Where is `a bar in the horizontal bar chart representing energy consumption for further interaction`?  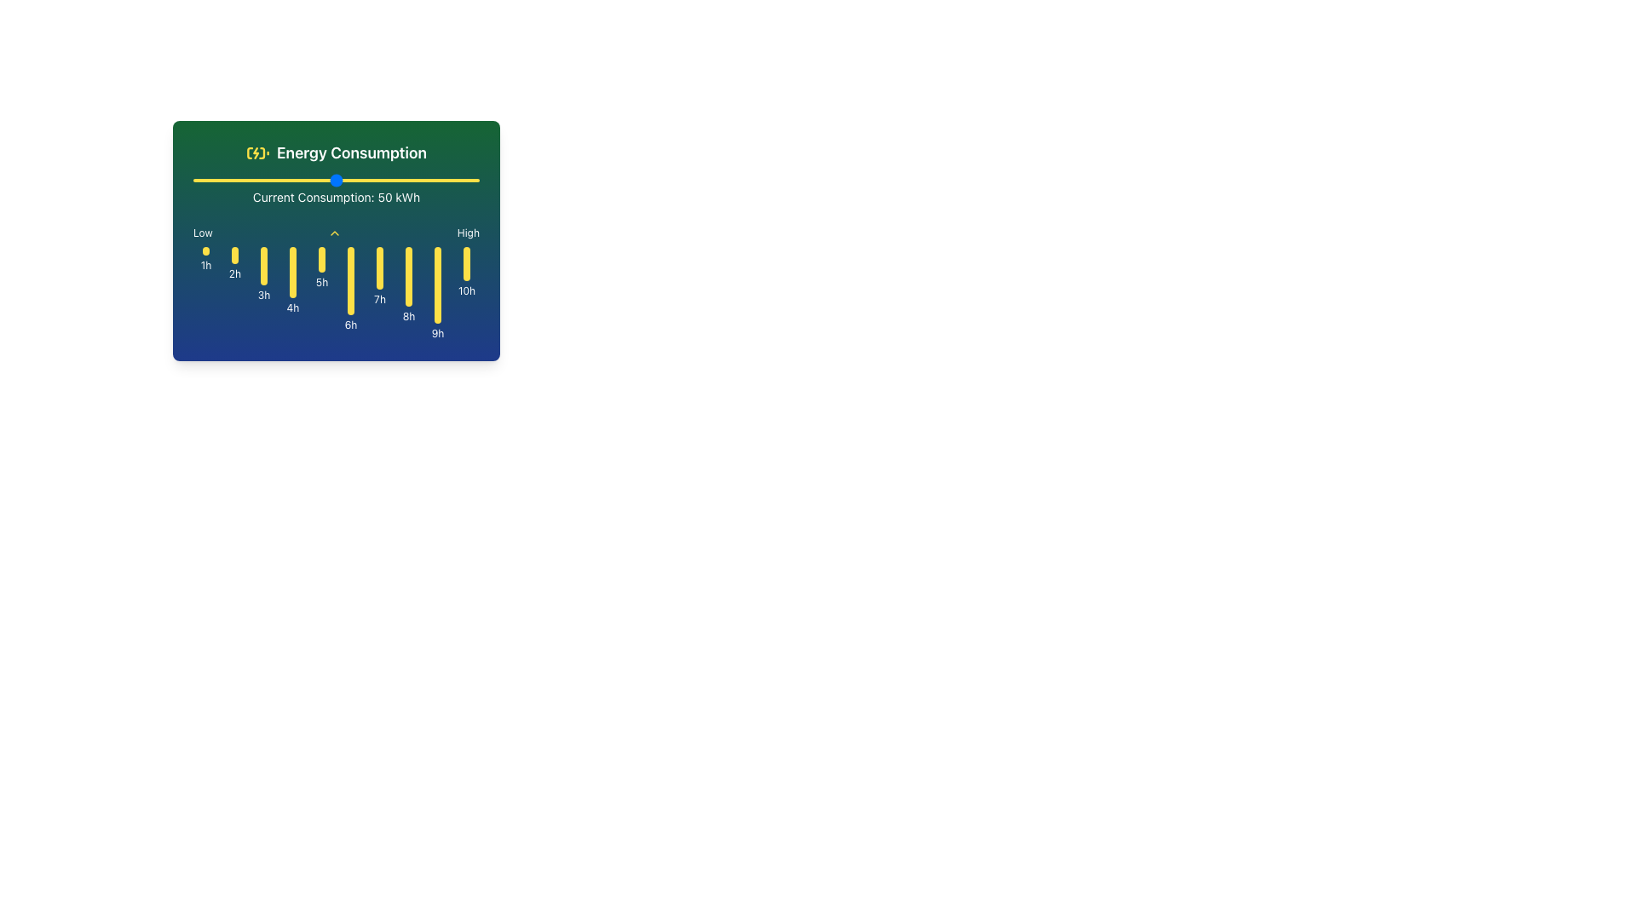 a bar in the horizontal bar chart representing energy consumption for further interaction is located at coordinates (336, 292).